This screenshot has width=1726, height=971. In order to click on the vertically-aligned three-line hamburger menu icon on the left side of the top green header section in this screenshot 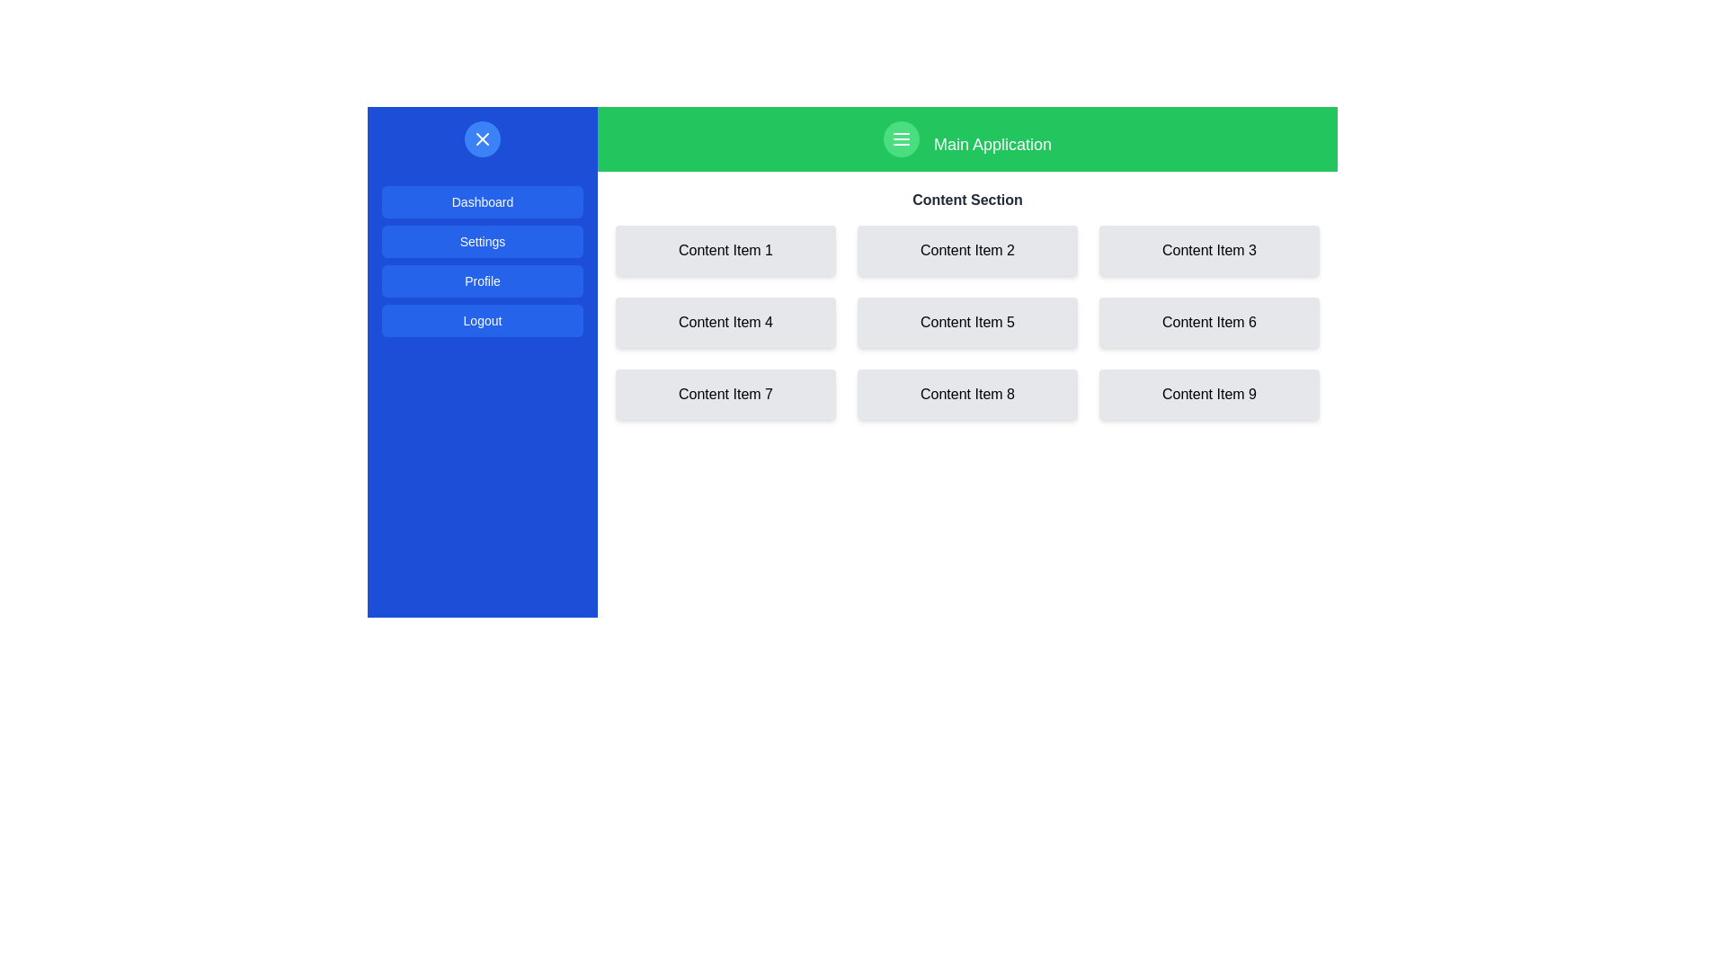, I will do `click(902, 138)`.